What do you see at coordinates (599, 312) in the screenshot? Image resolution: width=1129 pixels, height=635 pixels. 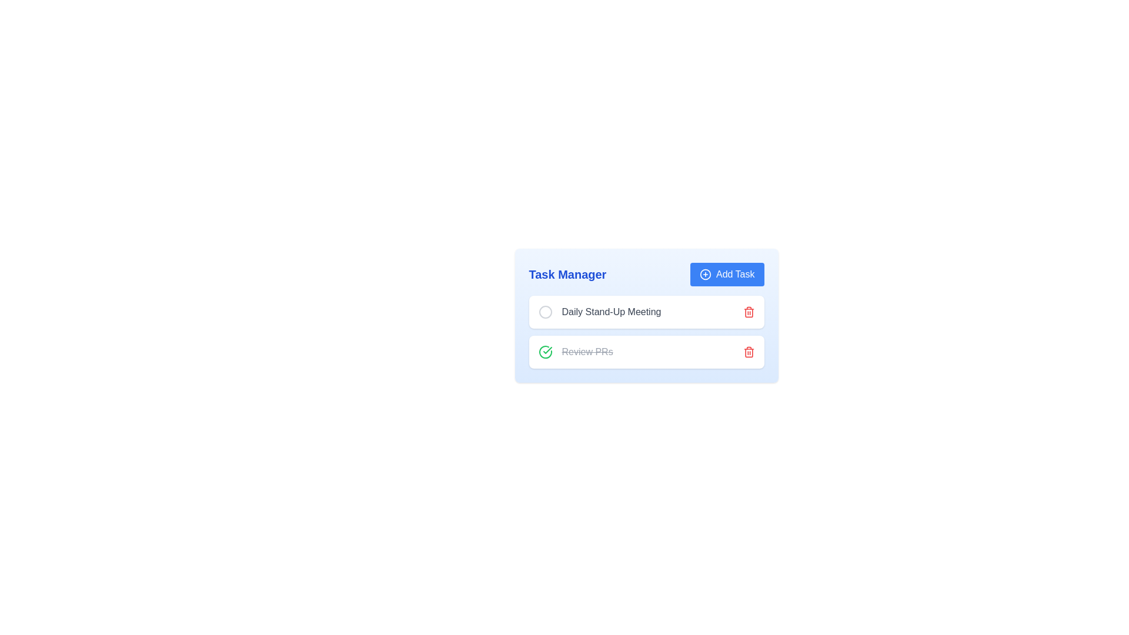 I see `the first task list item labeled 'Daily Stand-Up Meeting'` at bounding box center [599, 312].